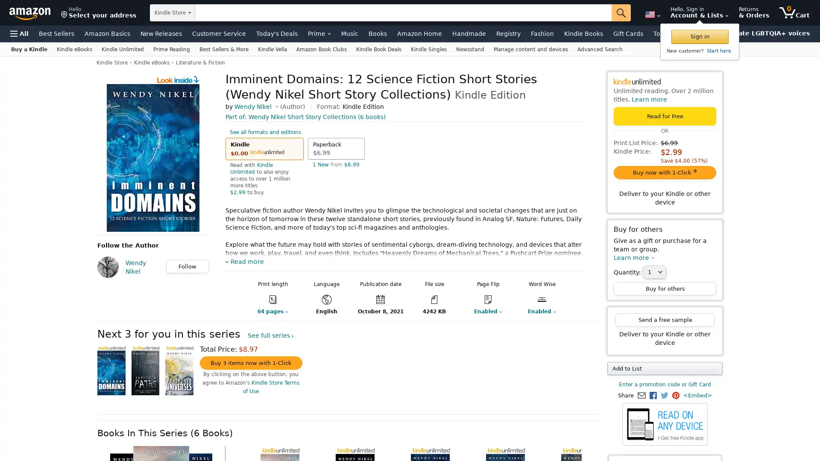 This screenshot has width=820, height=461. What do you see at coordinates (272, 311) in the screenshot?
I see `64 pages` at bounding box center [272, 311].